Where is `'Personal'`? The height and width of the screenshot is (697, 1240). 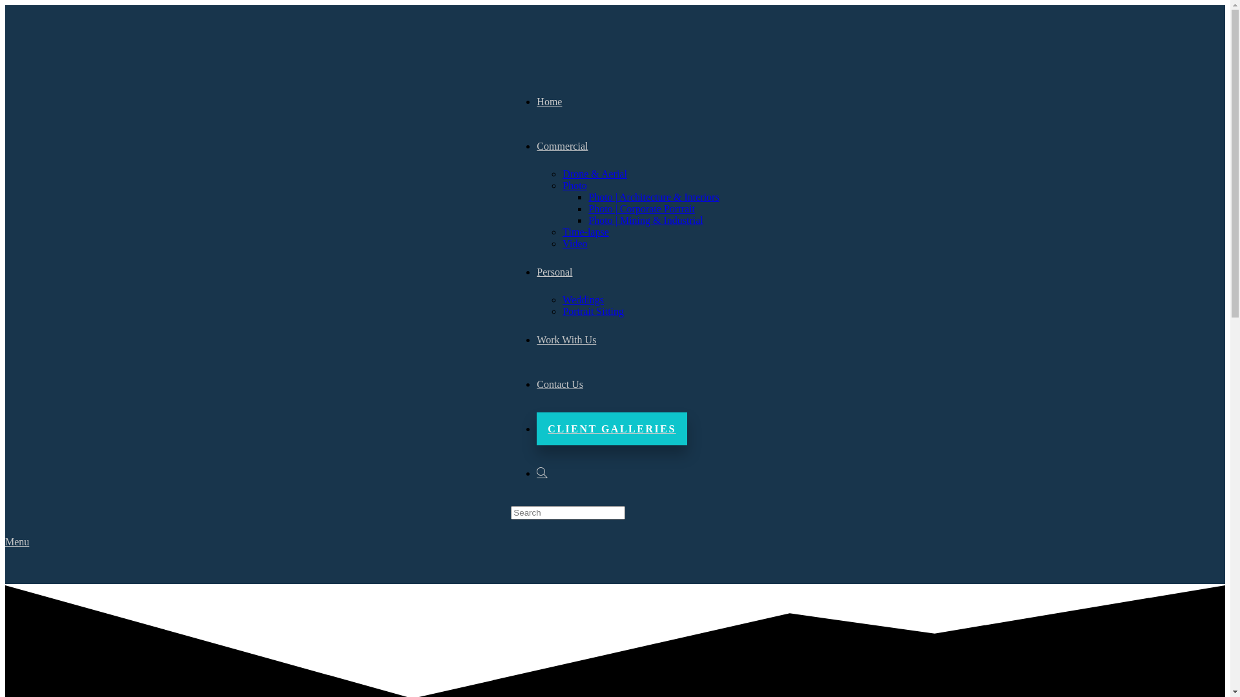 'Personal' is located at coordinates (554, 271).